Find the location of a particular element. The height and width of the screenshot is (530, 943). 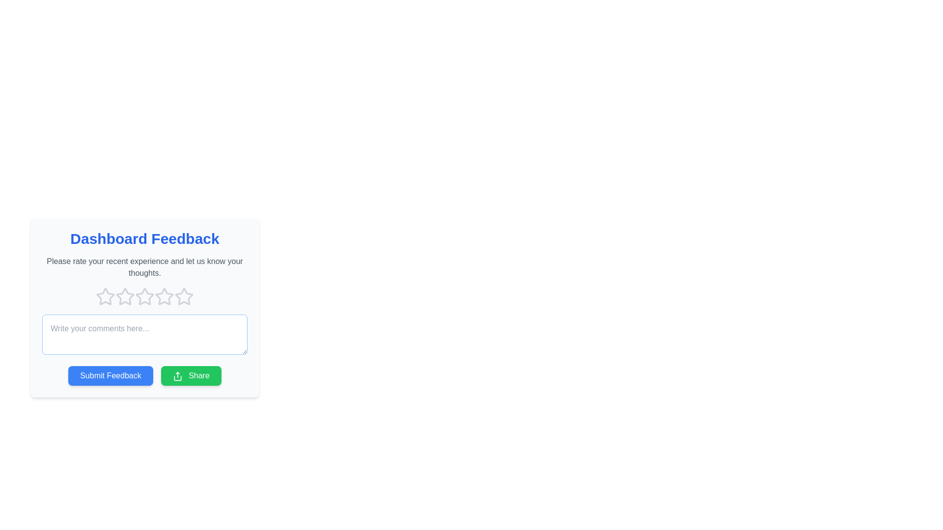

the fourth star icon in the star-based rating system is located at coordinates (144, 296).